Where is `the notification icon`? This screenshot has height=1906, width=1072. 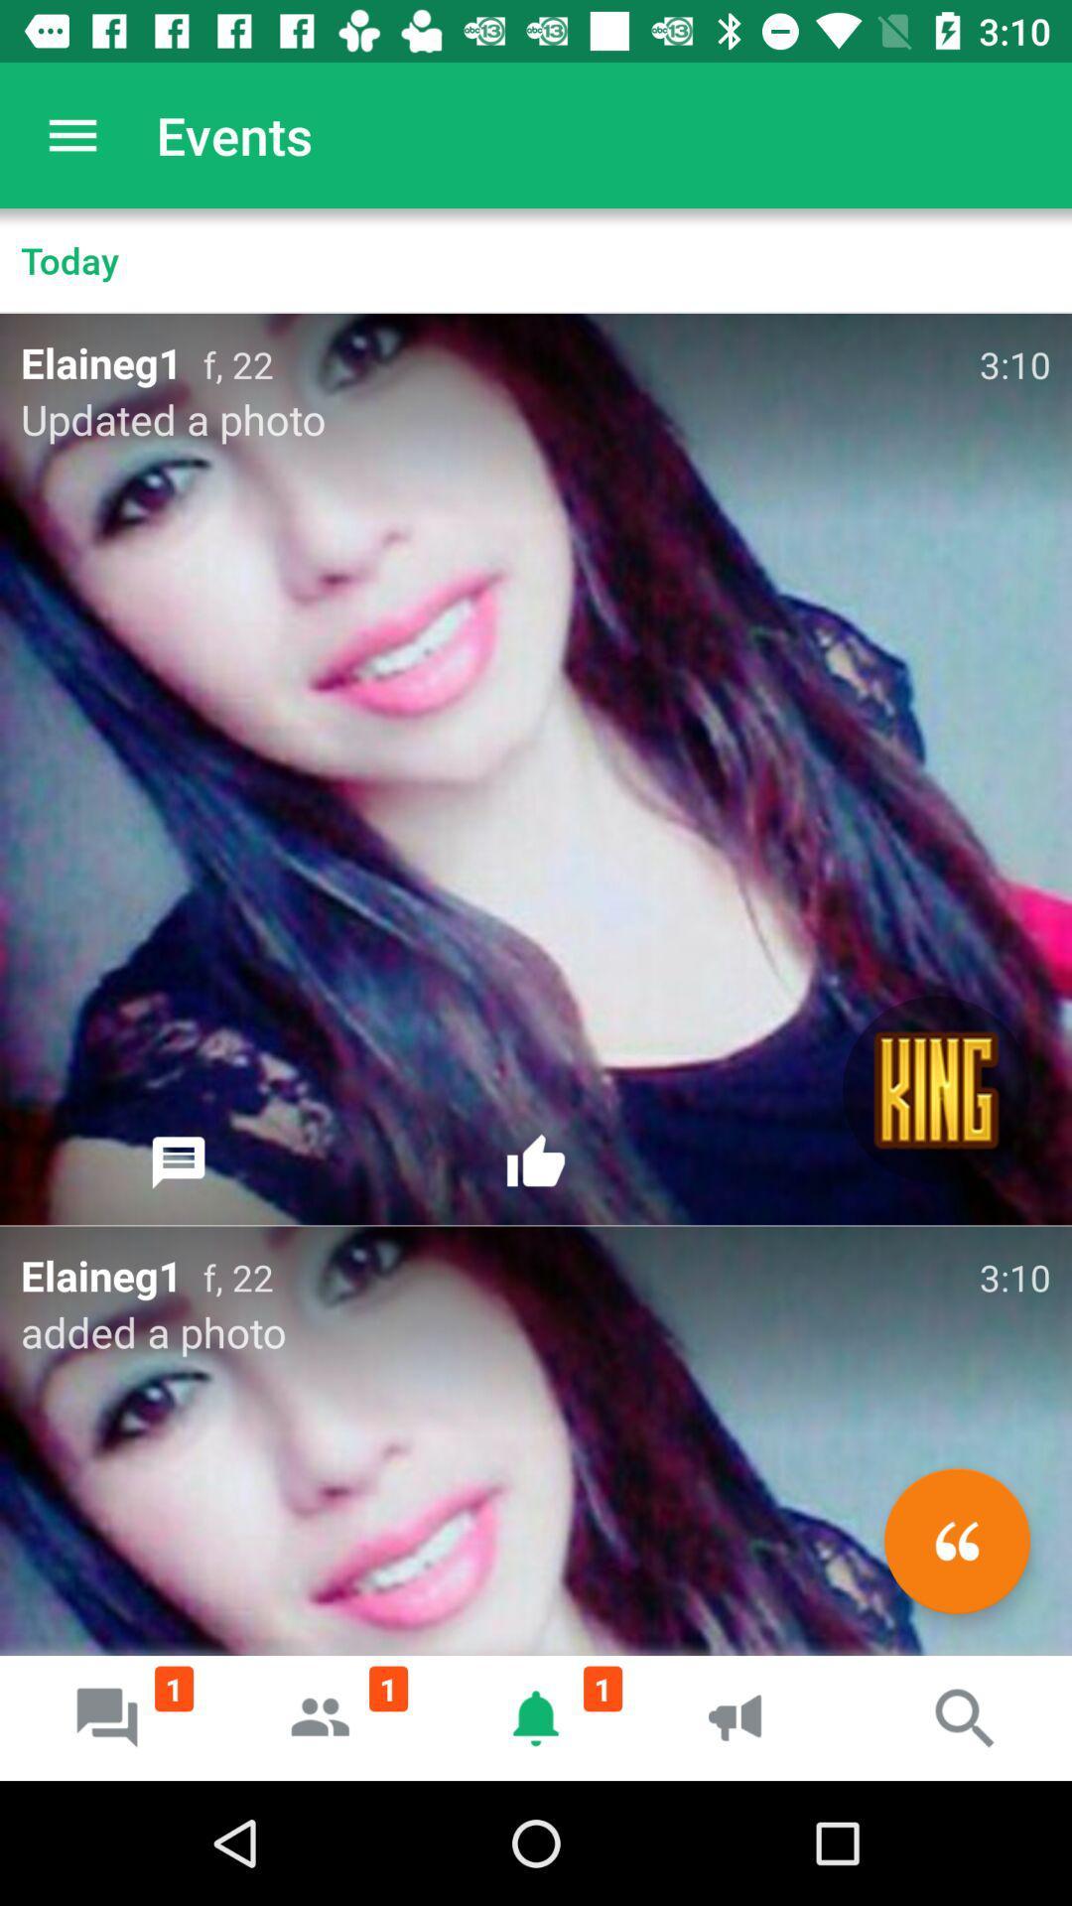
the notification icon is located at coordinates (536, 1717).